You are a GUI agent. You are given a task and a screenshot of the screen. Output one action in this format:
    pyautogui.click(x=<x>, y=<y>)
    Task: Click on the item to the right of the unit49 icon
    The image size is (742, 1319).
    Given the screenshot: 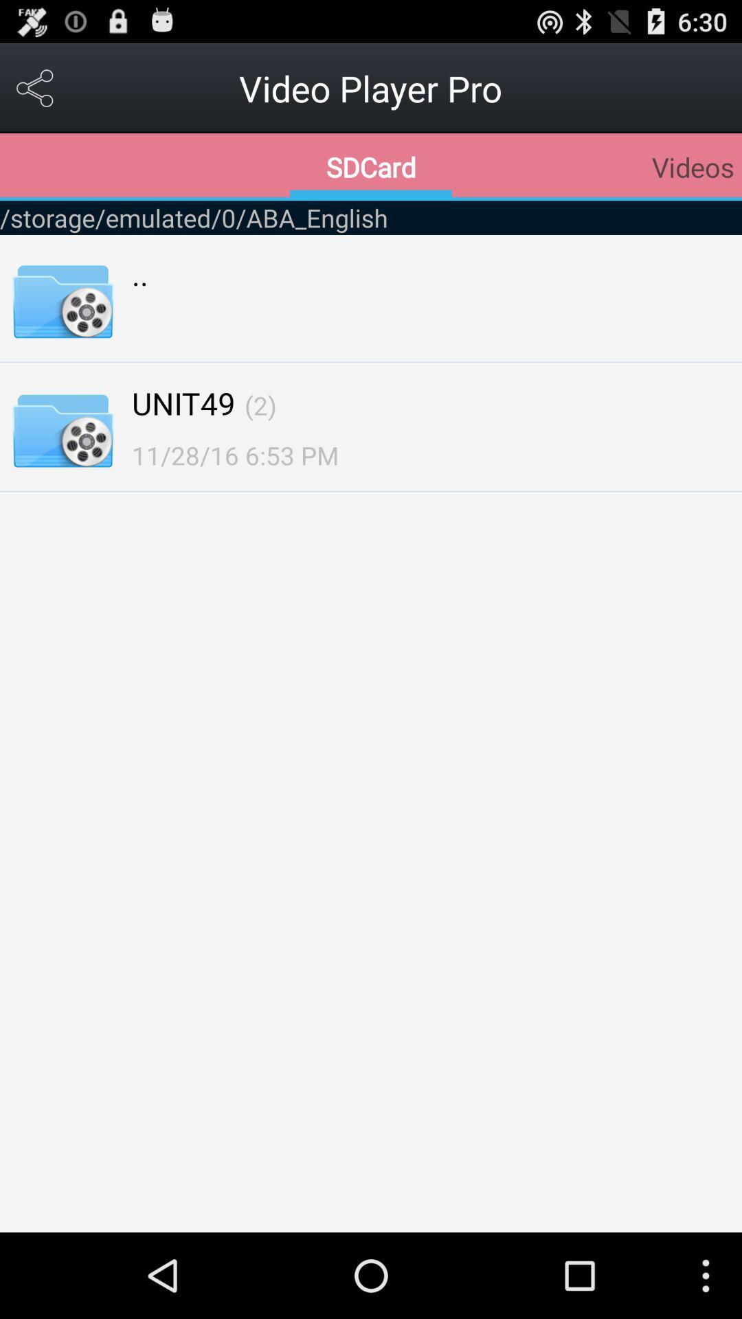 What is the action you would take?
    pyautogui.click(x=260, y=405)
    